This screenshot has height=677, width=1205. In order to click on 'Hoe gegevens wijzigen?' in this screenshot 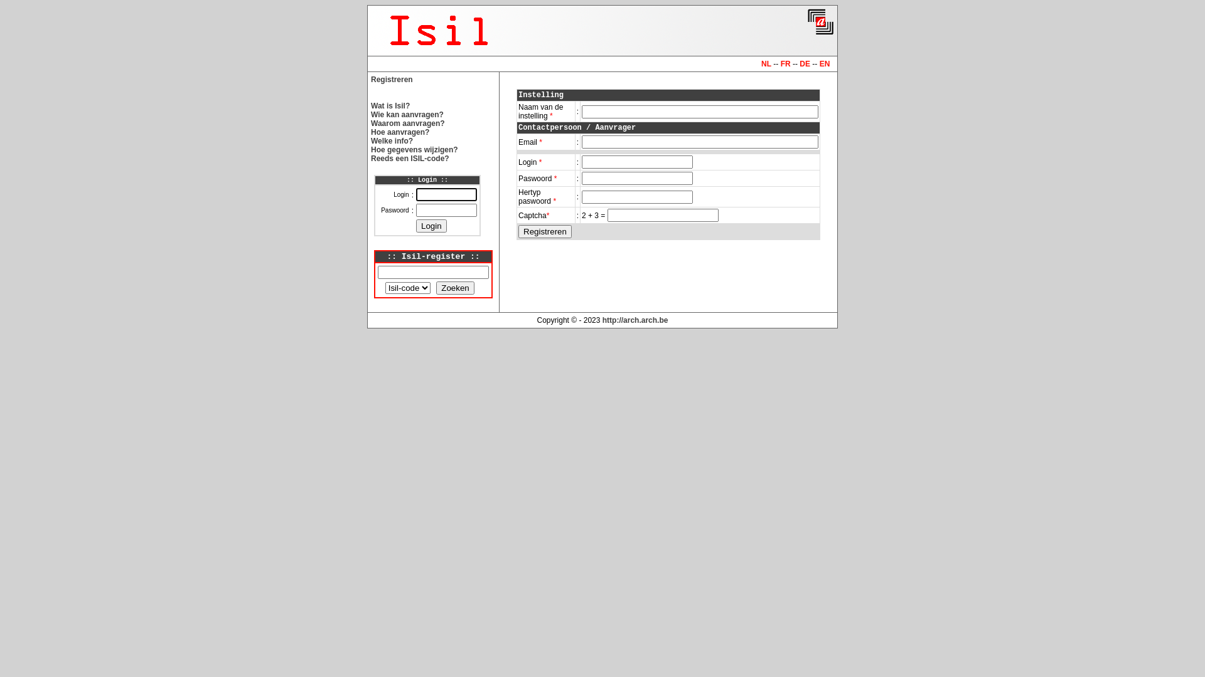, I will do `click(370, 149)`.